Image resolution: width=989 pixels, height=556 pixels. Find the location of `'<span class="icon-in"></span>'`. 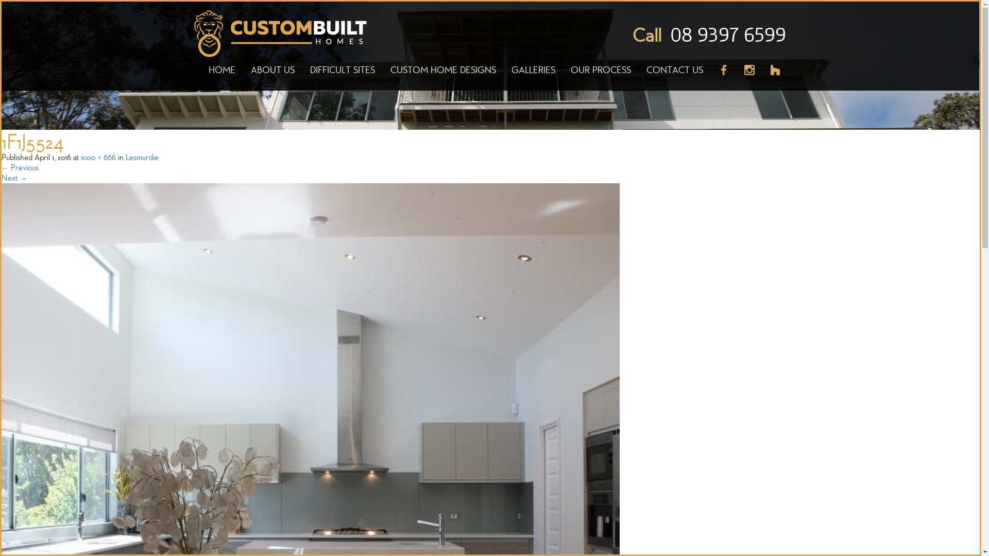

'<span class="icon-in"></span>' is located at coordinates (749, 75).